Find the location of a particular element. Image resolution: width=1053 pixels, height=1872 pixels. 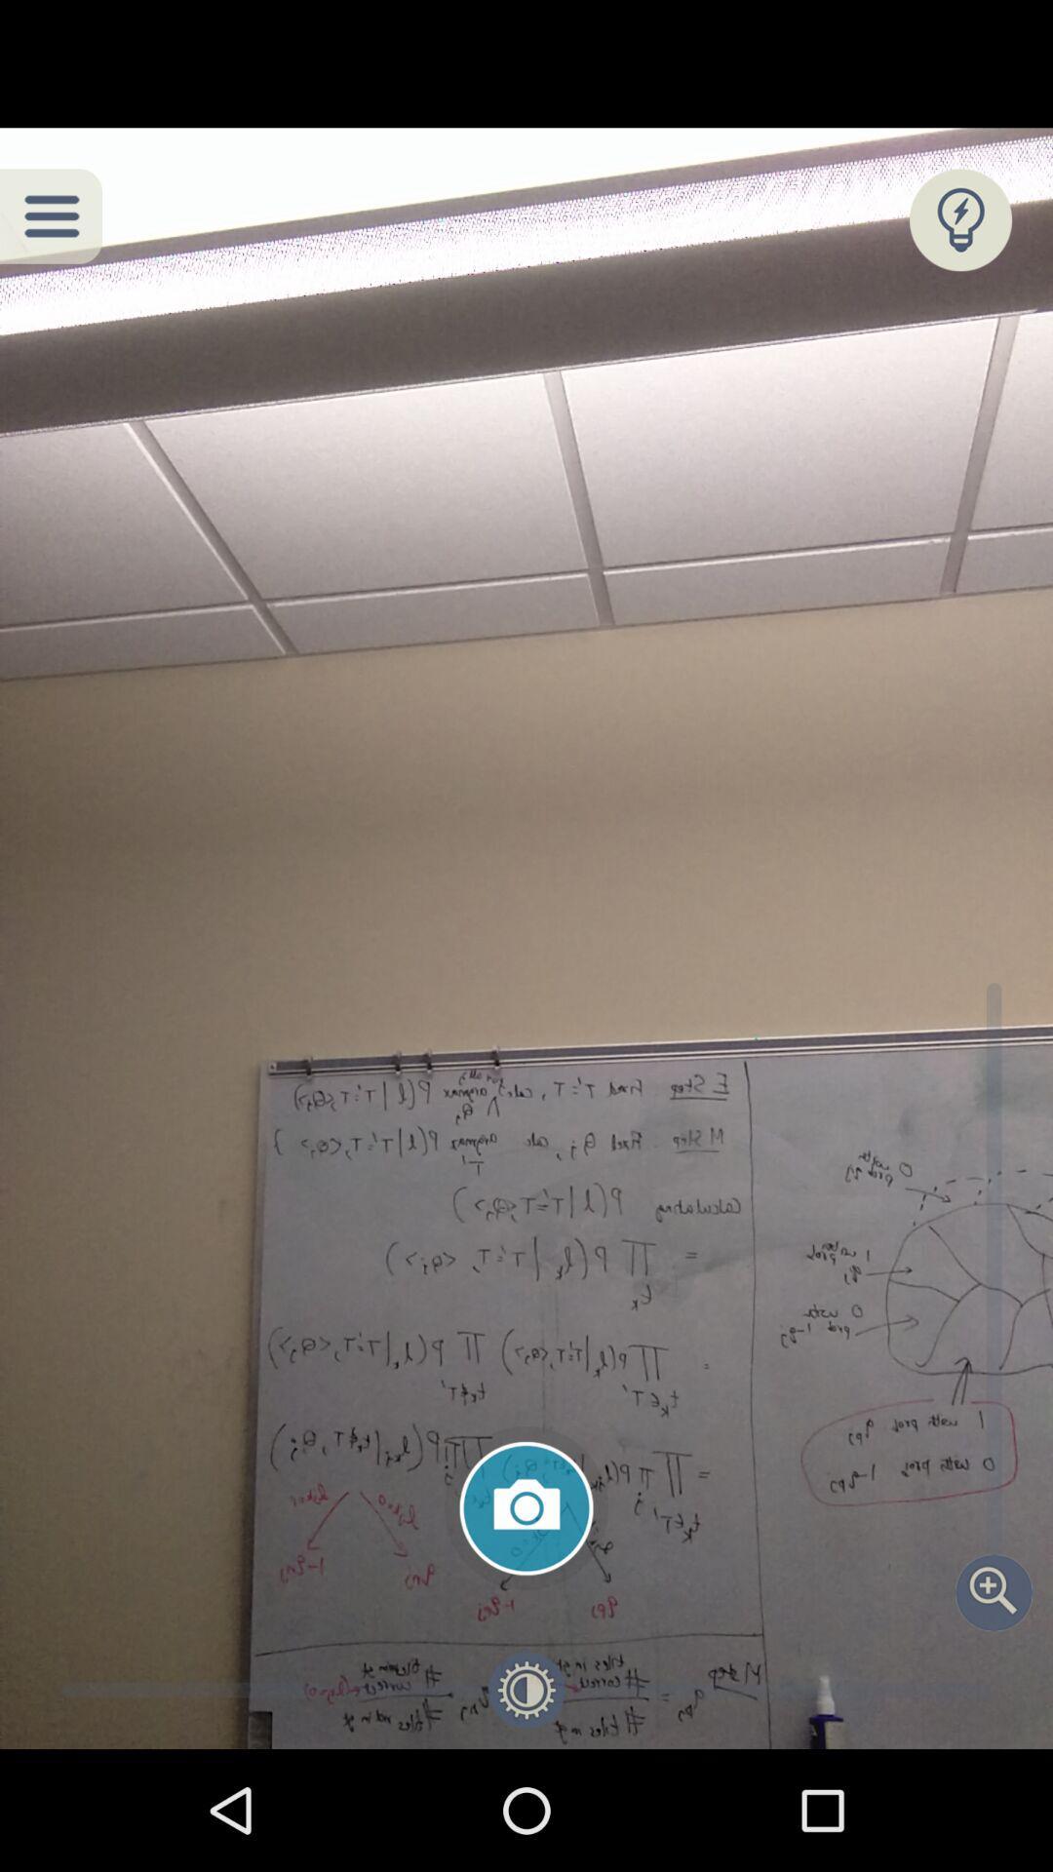

open options menu is located at coordinates (50, 215).